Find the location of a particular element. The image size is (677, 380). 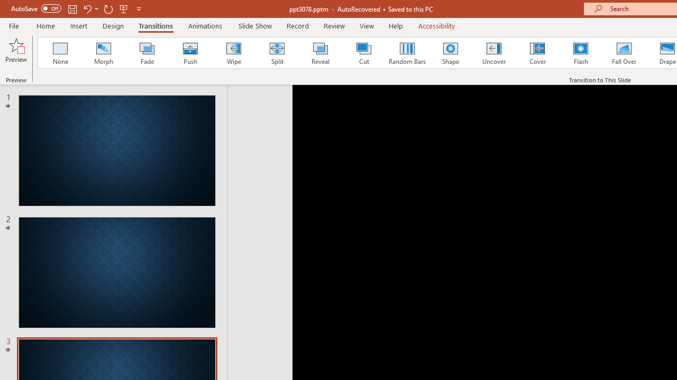

'Fall Over' is located at coordinates (624, 53).